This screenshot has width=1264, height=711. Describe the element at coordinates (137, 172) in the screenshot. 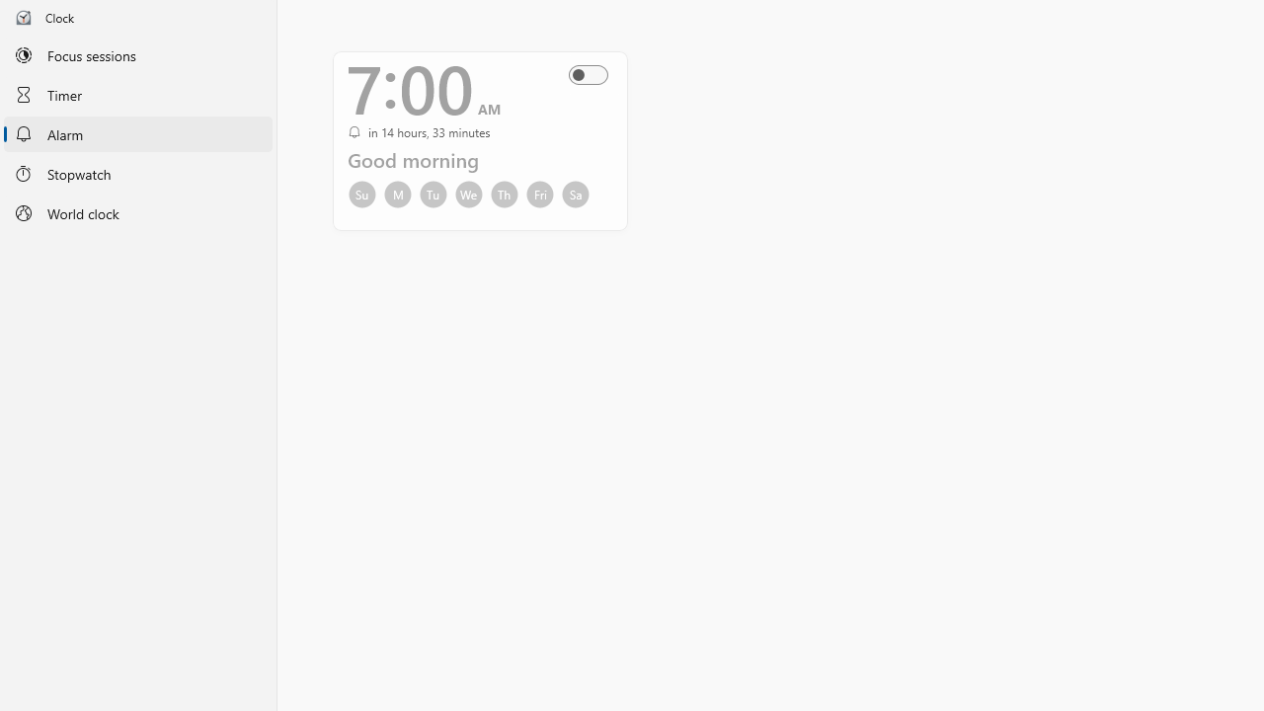

I see `'Stopwatch'` at that location.